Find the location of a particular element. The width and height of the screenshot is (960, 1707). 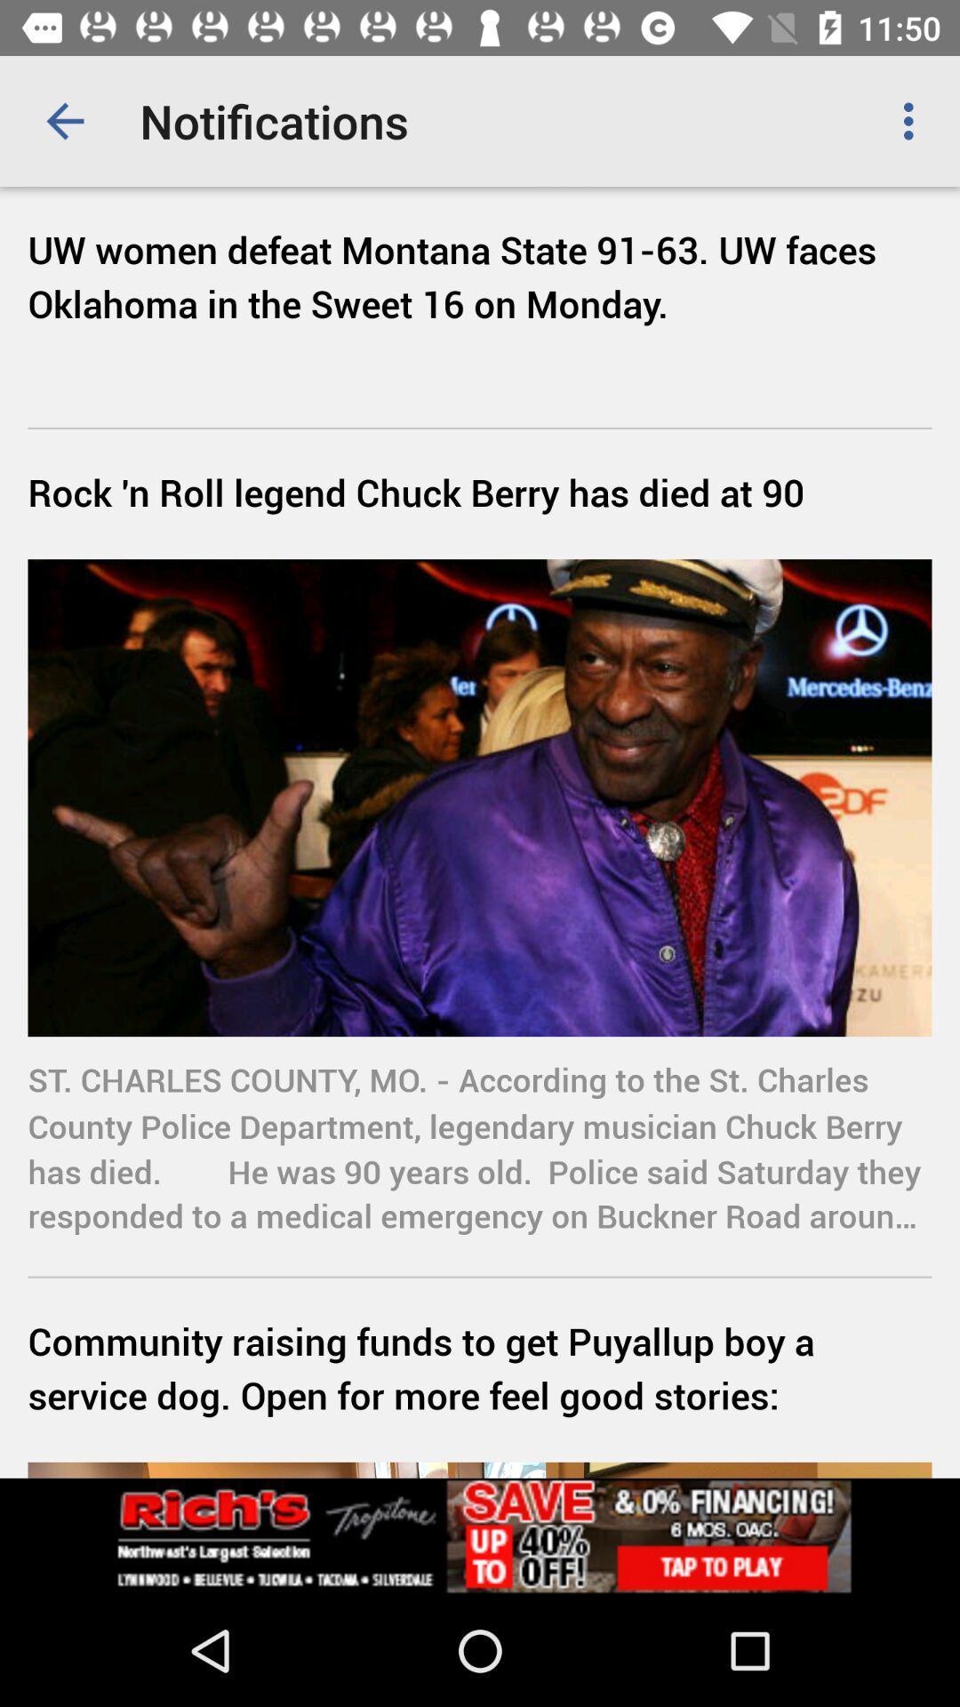

advertisement is located at coordinates (480, 1535).